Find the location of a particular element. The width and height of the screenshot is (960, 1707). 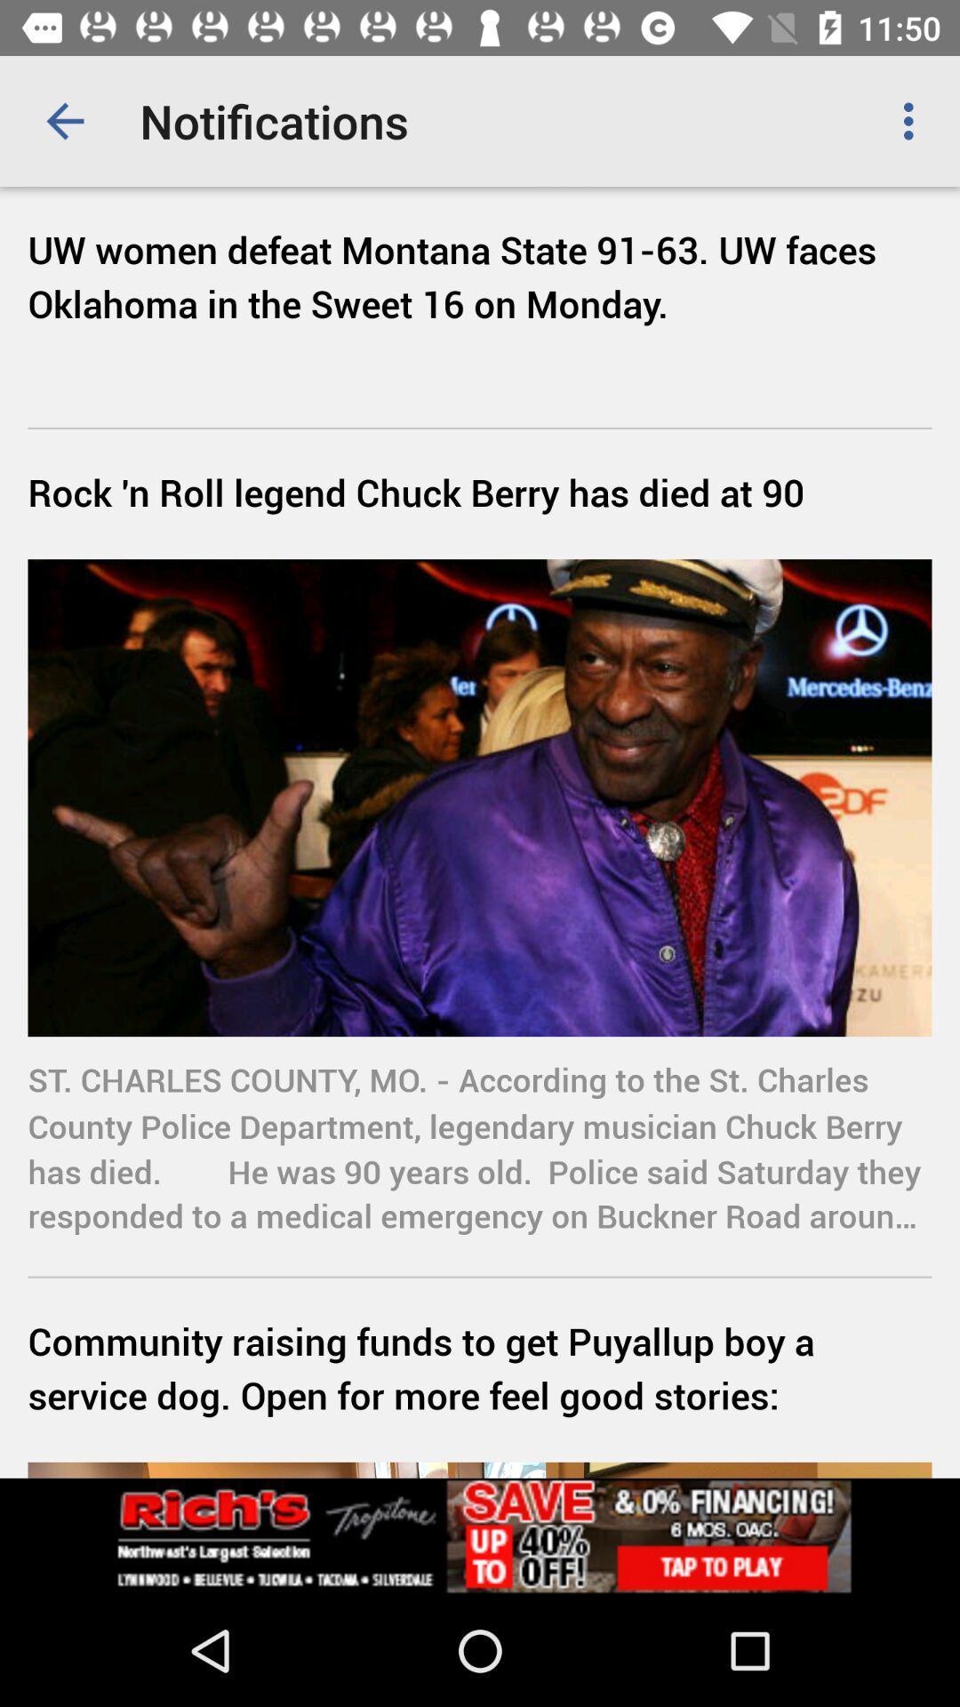

advertisement is located at coordinates (480, 1535).